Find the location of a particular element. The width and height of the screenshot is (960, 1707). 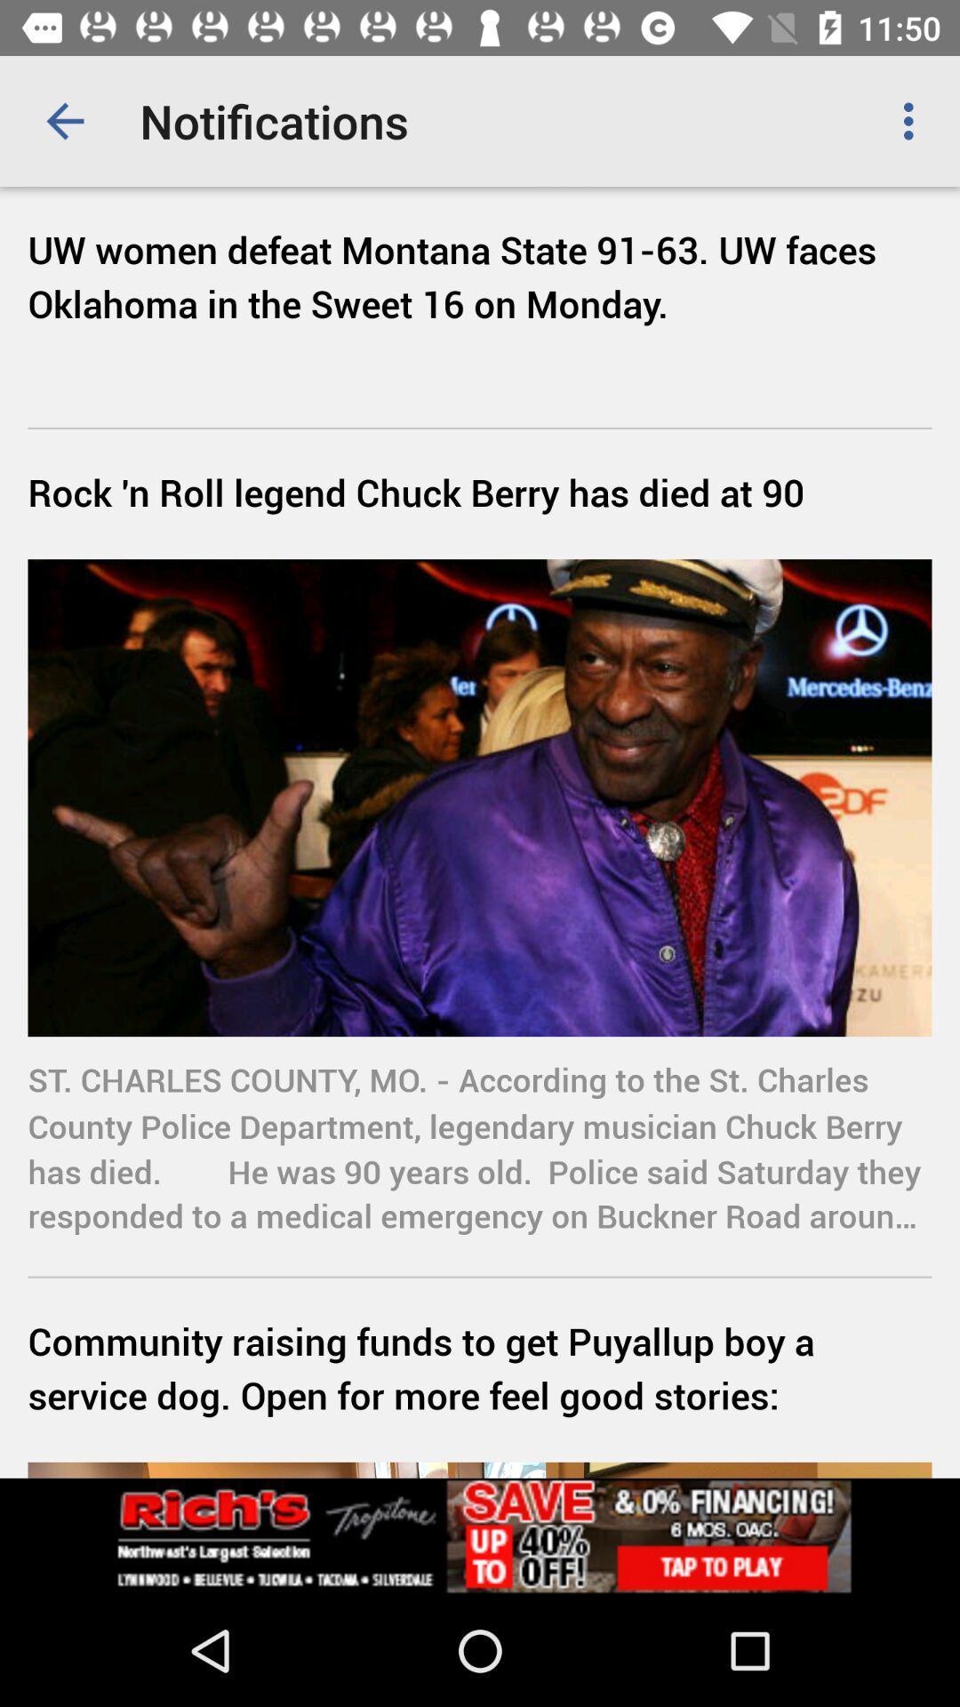

advertisement is located at coordinates (480, 1535).